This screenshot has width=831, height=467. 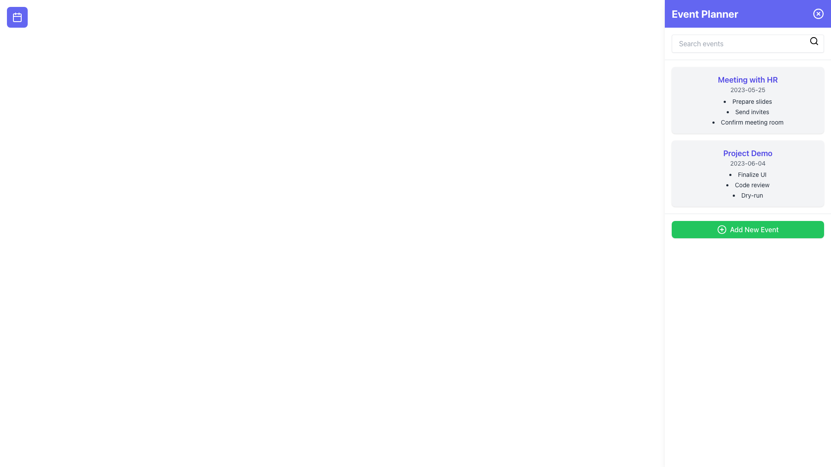 What do you see at coordinates (747, 111) in the screenshot?
I see `the text item that reads 'Send invites.' which is the second item in a bullet list under the event 'Meeting with HR.'` at bounding box center [747, 111].